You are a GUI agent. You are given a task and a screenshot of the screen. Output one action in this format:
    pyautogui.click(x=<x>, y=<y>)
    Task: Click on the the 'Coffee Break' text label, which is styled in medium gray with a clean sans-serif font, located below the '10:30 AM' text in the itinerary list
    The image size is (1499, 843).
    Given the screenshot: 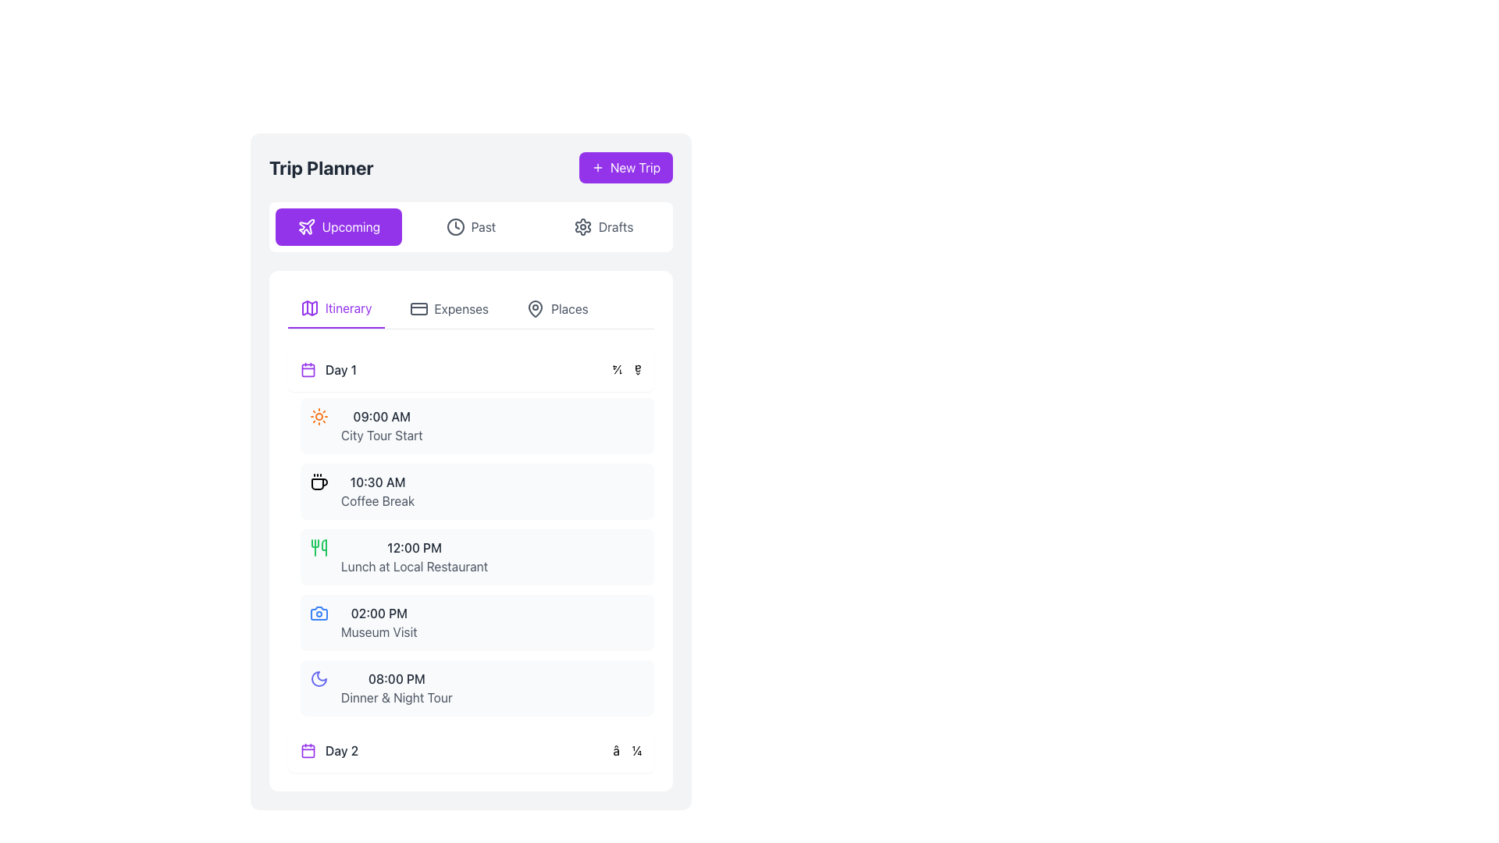 What is the action you would take?
    pyautogui.click(x=378, y=500)
    